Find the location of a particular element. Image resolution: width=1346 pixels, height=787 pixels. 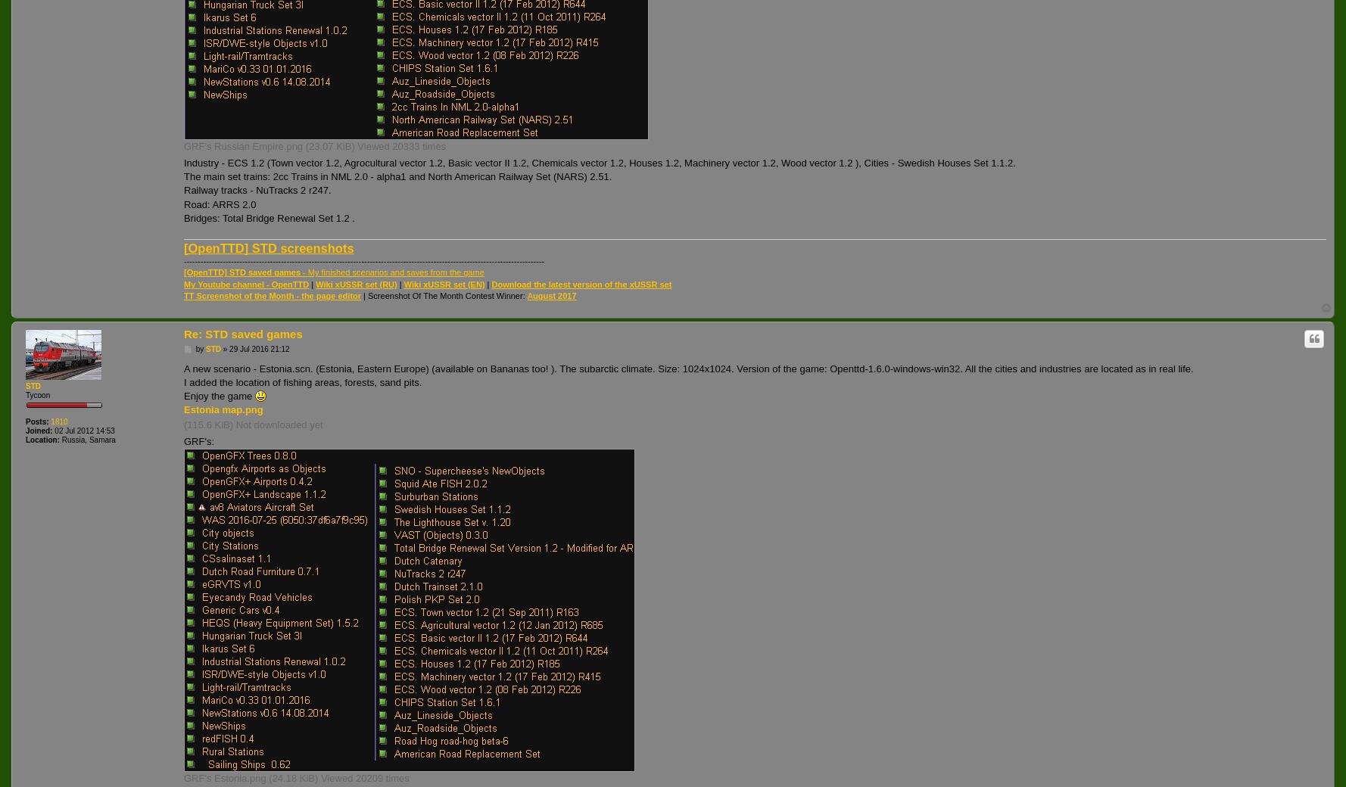

'----------------------------------------------------------------------------------------------------------------------------------' is located at coordinates (363, 260).